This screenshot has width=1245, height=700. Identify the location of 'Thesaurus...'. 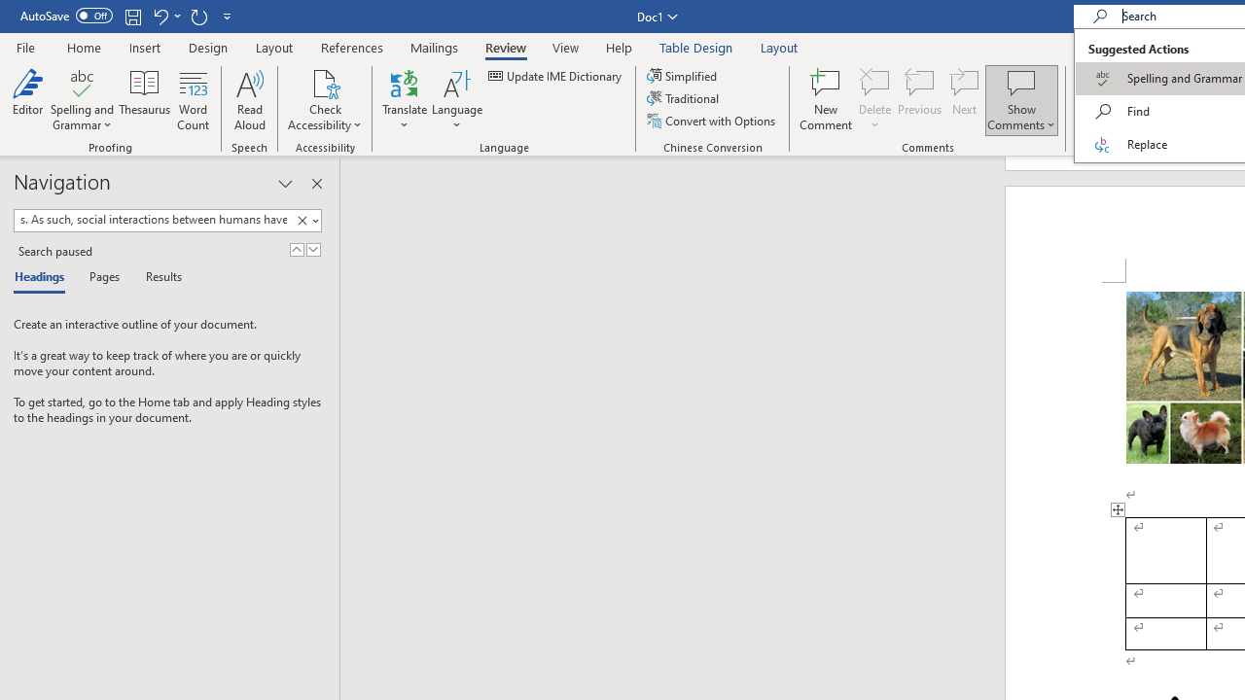
(144, 100).